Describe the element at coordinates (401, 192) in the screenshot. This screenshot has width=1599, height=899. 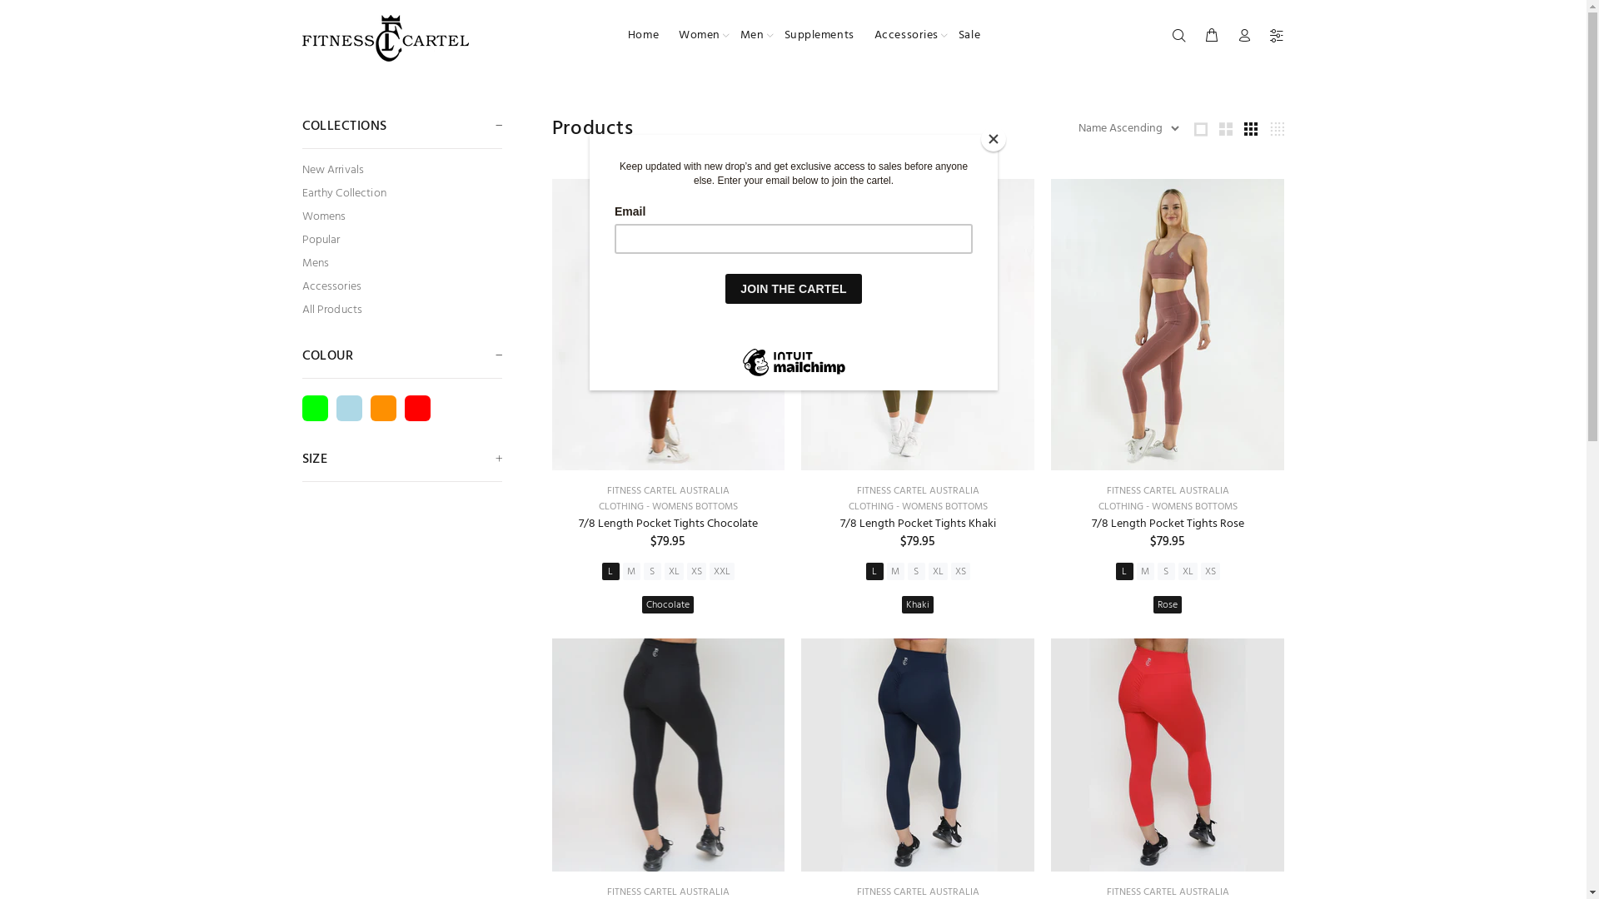
I see `'Earthy Collection'` at that location.